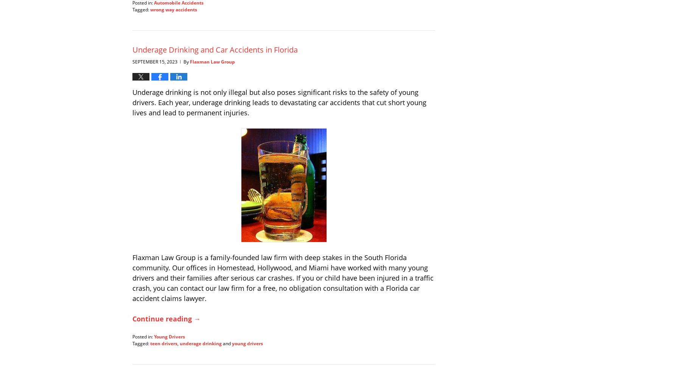 The image size is (700, 377). Describe the element at coordinates (169, 336) in the screenshot. I see `'Young Drivers'` at that location.